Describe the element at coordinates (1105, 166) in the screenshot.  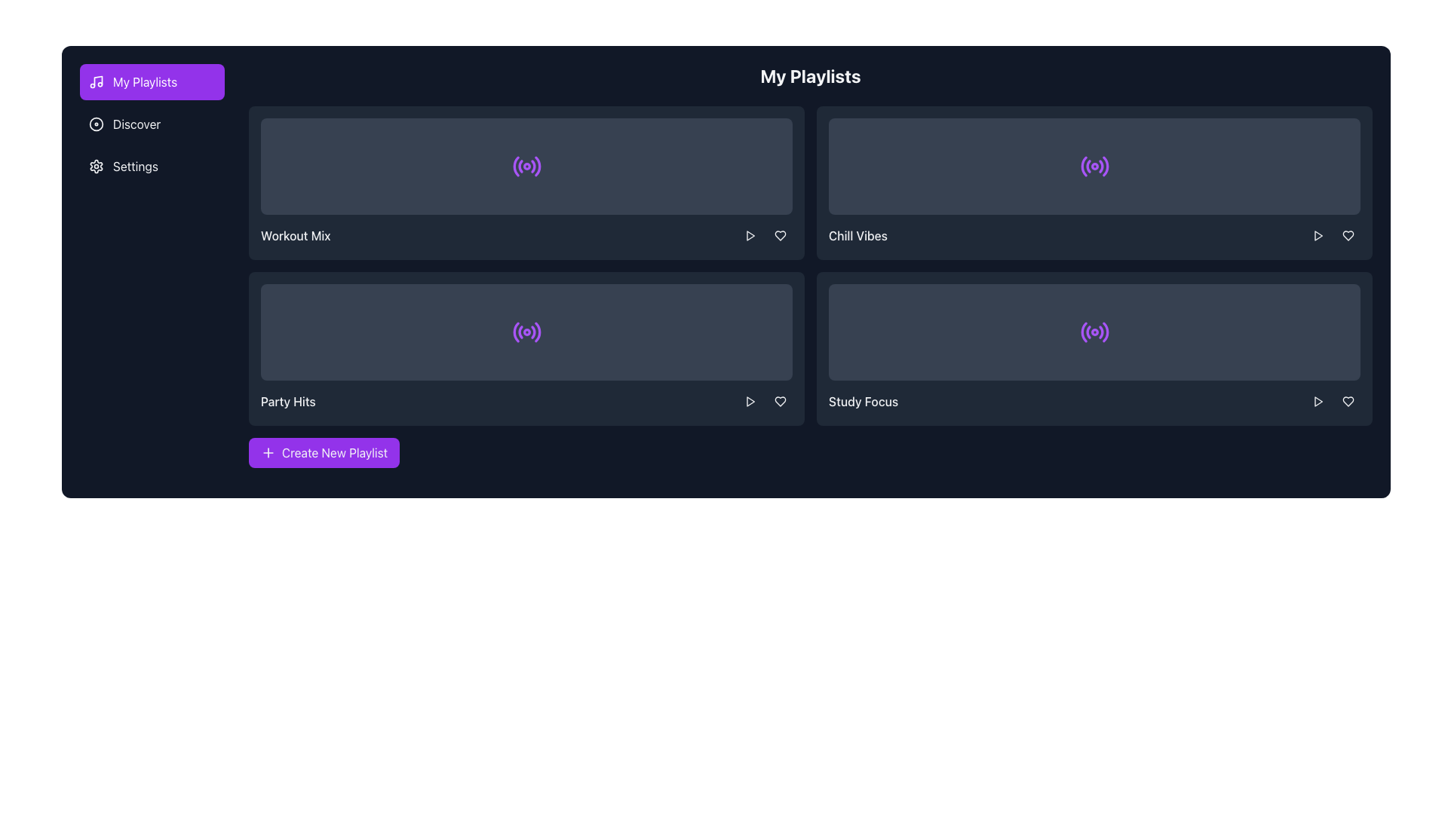
I see `the outermost curved line of the radio wave symbol in the 'Chill Vibes' card, which is a purple segment of the SVG icon located in the second column of the playlist section` at that location.